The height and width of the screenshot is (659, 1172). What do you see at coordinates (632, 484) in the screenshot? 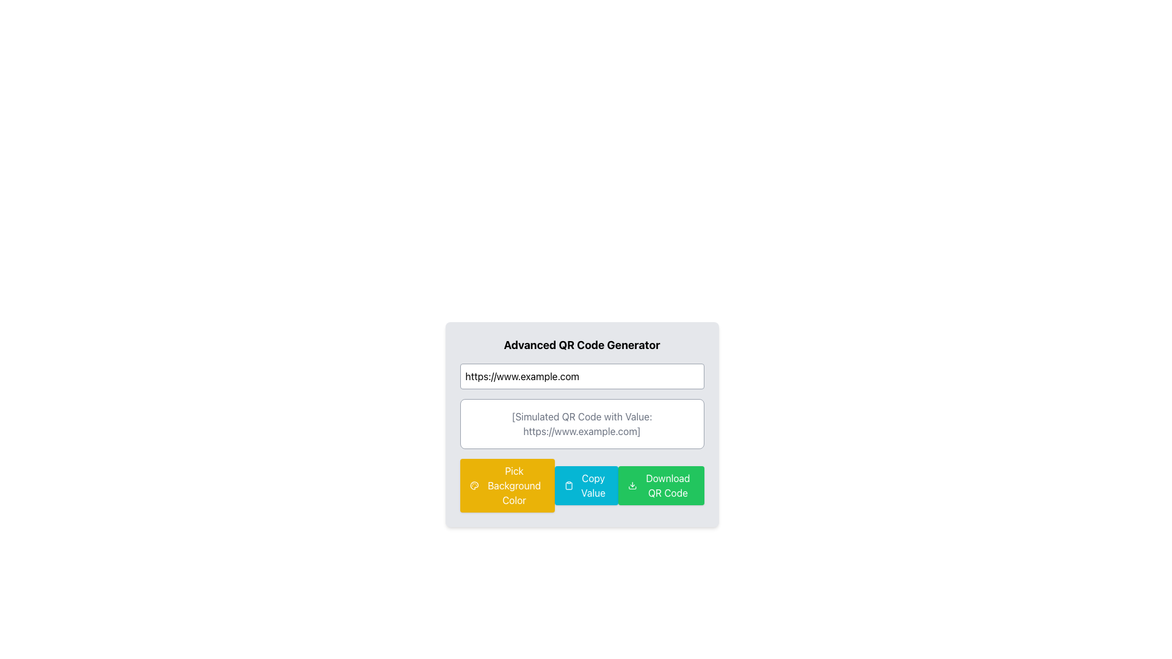
I see `the download icon inside the green button labeled 'Download QR Code' located at the bottom right of the QR code display section` at bounding box center [632, 484].